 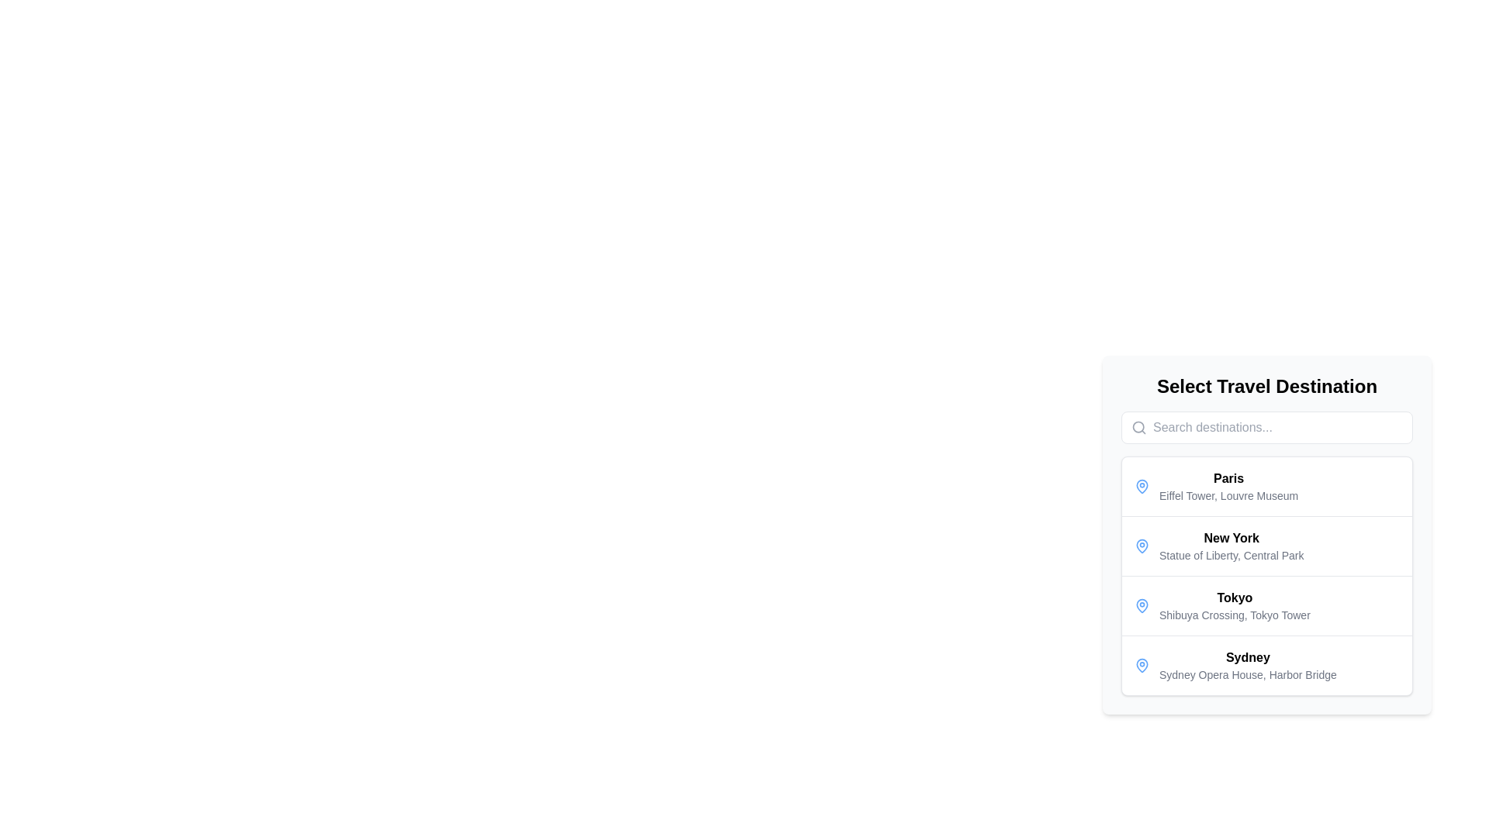 I want to click on the fourth list item in the travel destination selection panel, so click(x=1266, y=665).